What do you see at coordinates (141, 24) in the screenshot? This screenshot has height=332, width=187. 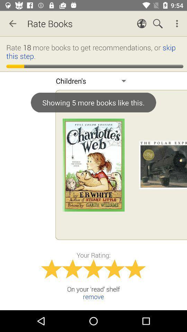 I see `icon which on left to search icon` at bounding box center [141, 24].